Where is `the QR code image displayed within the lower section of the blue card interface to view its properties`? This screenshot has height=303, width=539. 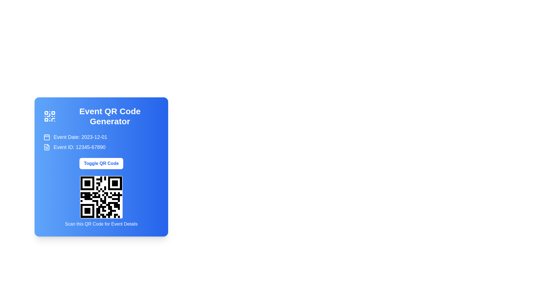 the QR code image displayed within the lower section of the blue card interface to view its properties is located at coordinates (101, 197).